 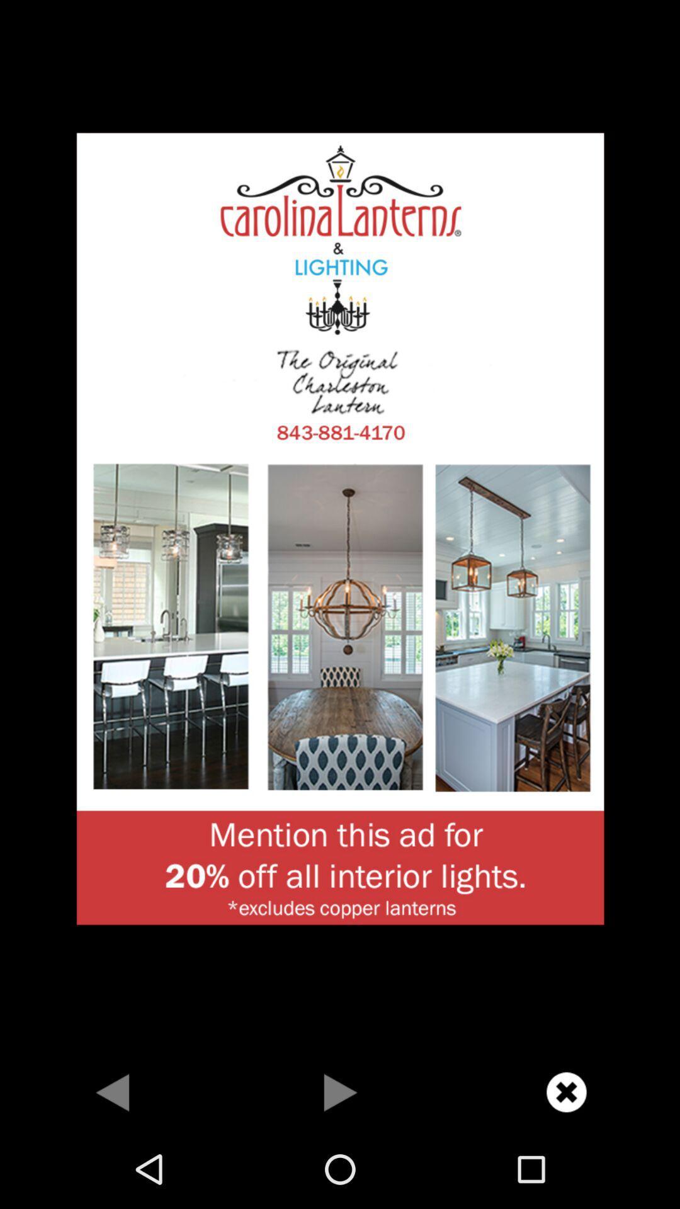 I want to click on cl, so click(x=565, y=1091).